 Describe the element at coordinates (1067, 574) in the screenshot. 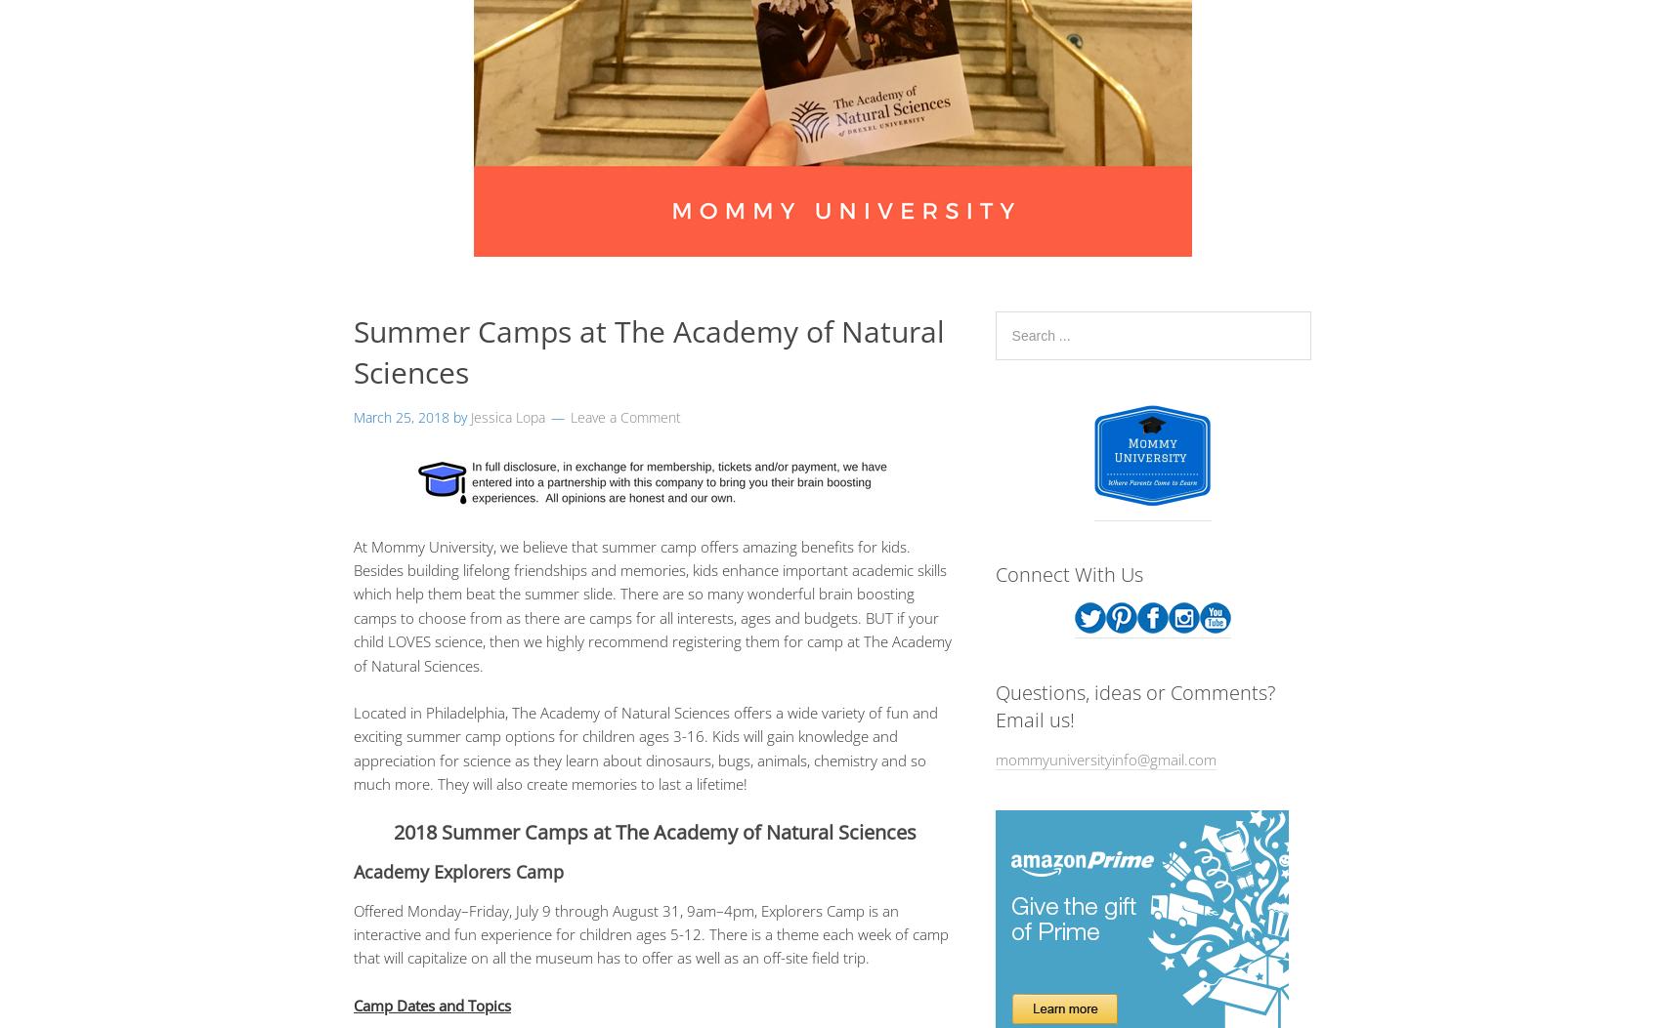

I see `'Connect With Us'` at that location.